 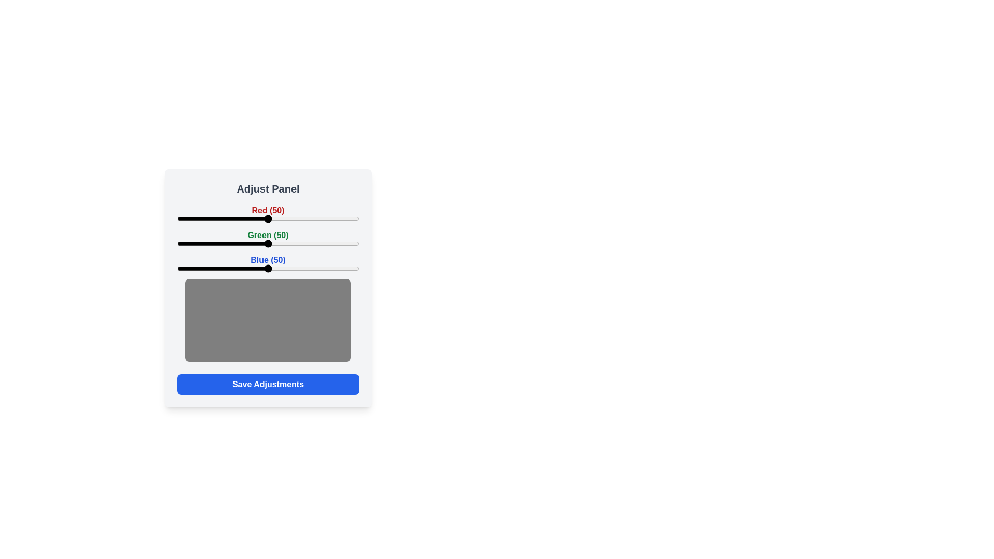 I want to click on the blue slider to 57 percent, so click(x=281, y=268).